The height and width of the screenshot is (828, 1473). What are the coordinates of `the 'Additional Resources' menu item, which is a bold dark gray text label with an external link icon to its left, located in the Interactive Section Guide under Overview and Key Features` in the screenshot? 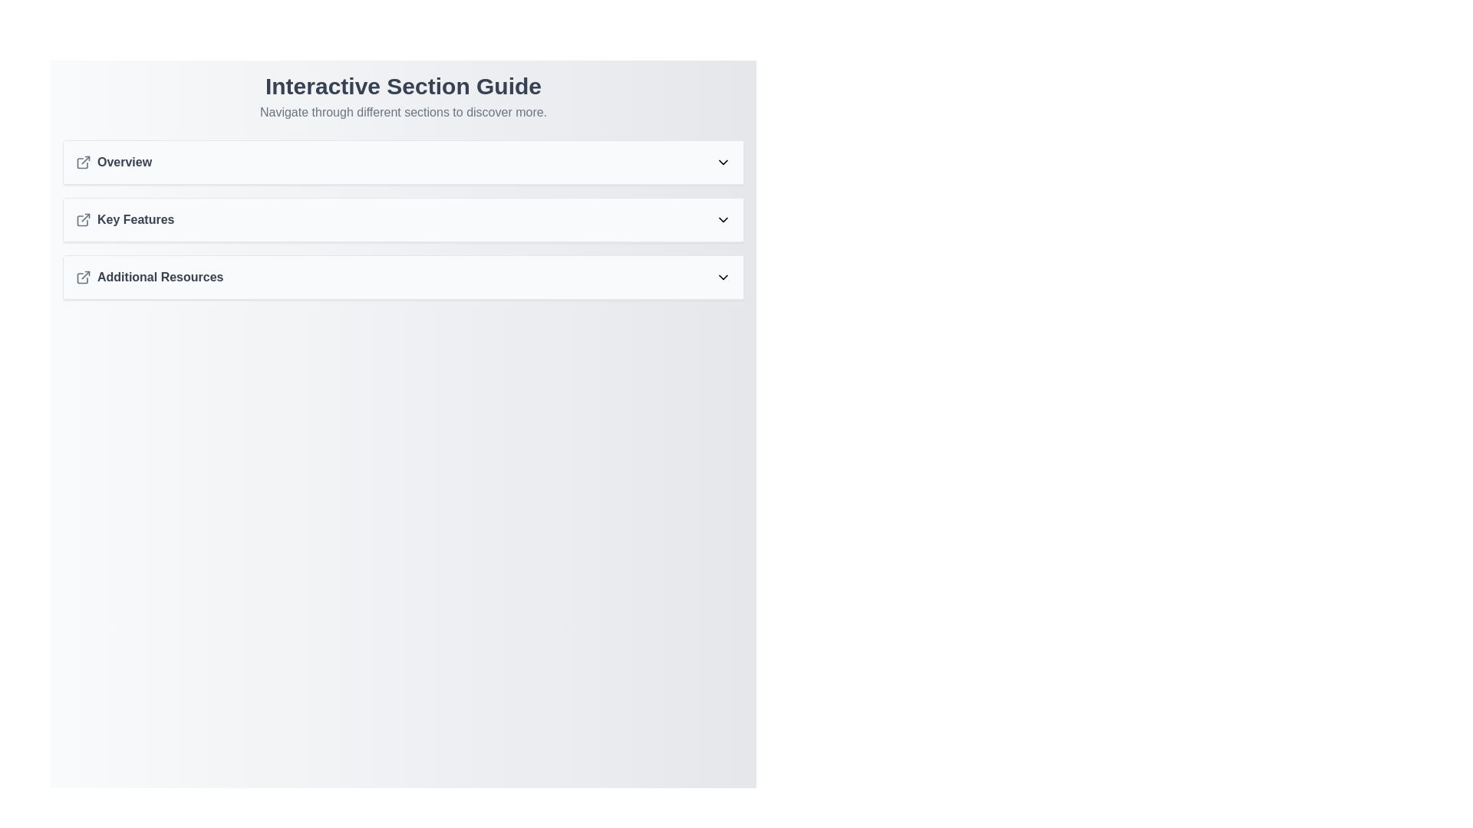 It's located at (150, 278).